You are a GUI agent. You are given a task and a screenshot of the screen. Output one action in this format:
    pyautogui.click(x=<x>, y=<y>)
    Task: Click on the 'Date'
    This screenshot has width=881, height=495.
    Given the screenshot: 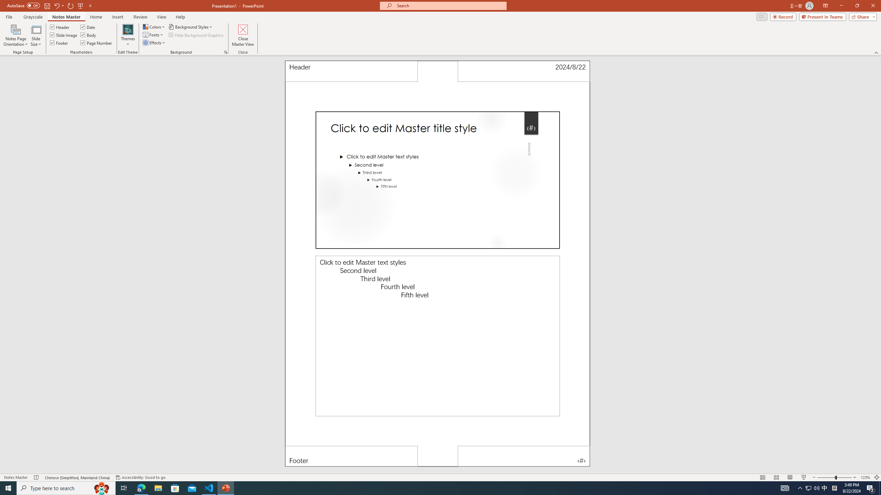 What is the action you would take?
    pyautogui.click(x=88, y=26)
    